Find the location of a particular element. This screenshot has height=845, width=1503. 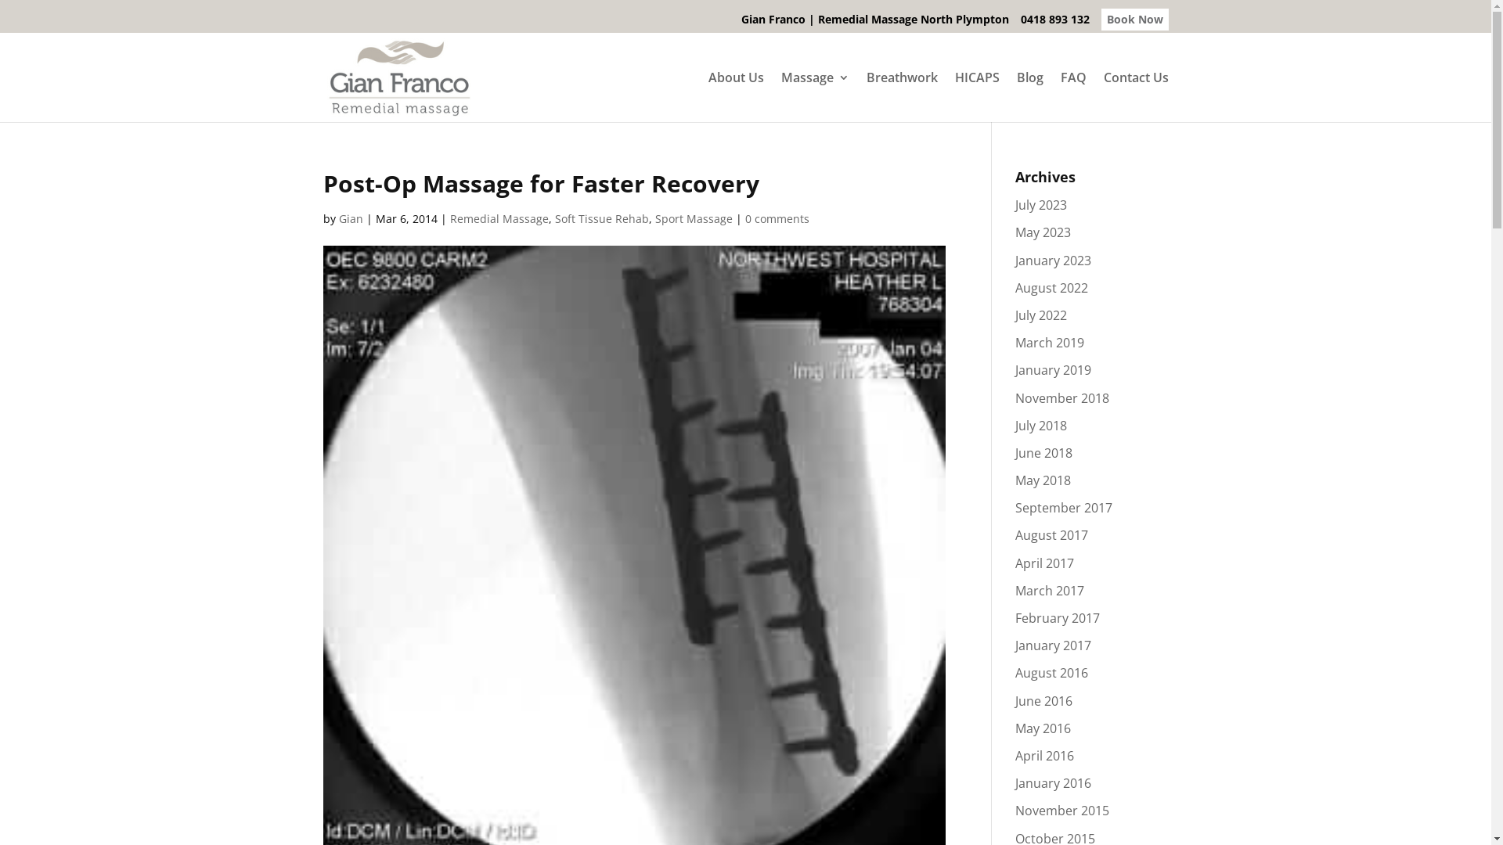

'Book Now' is located at coordinates (1134, 18).